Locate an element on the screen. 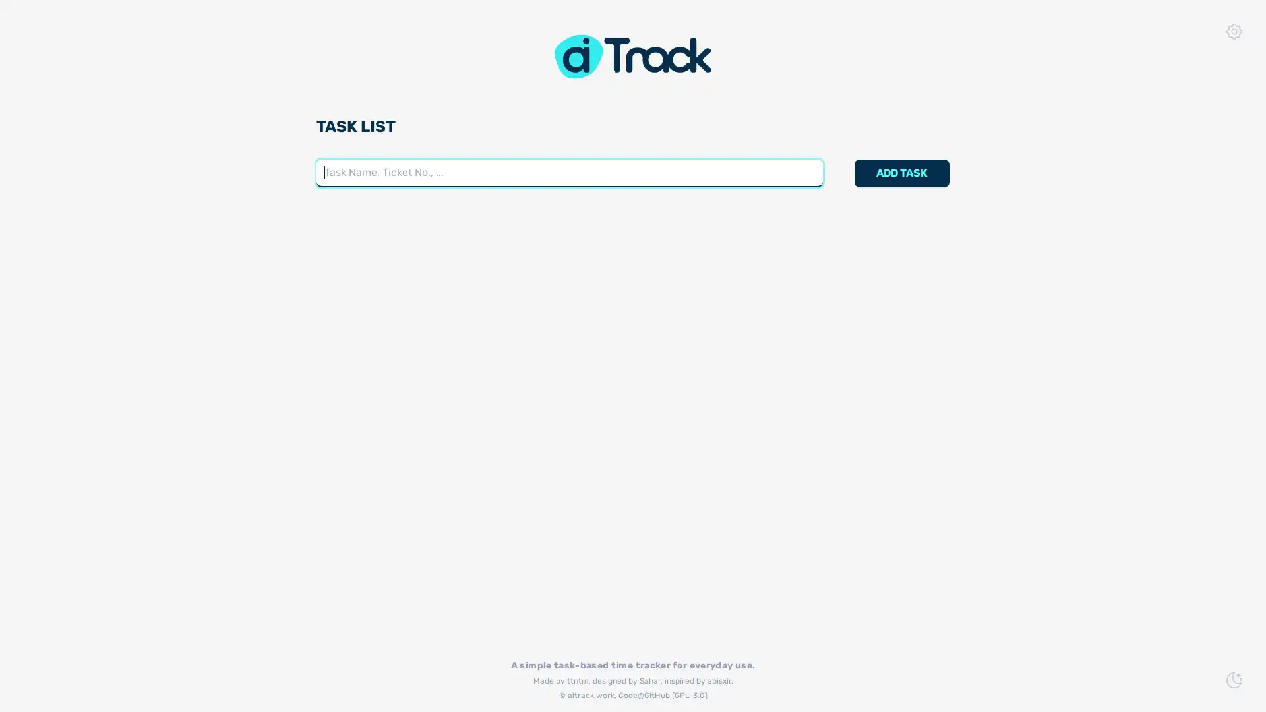  Switch to Dark Mode is located at coordinates (1234, 680).